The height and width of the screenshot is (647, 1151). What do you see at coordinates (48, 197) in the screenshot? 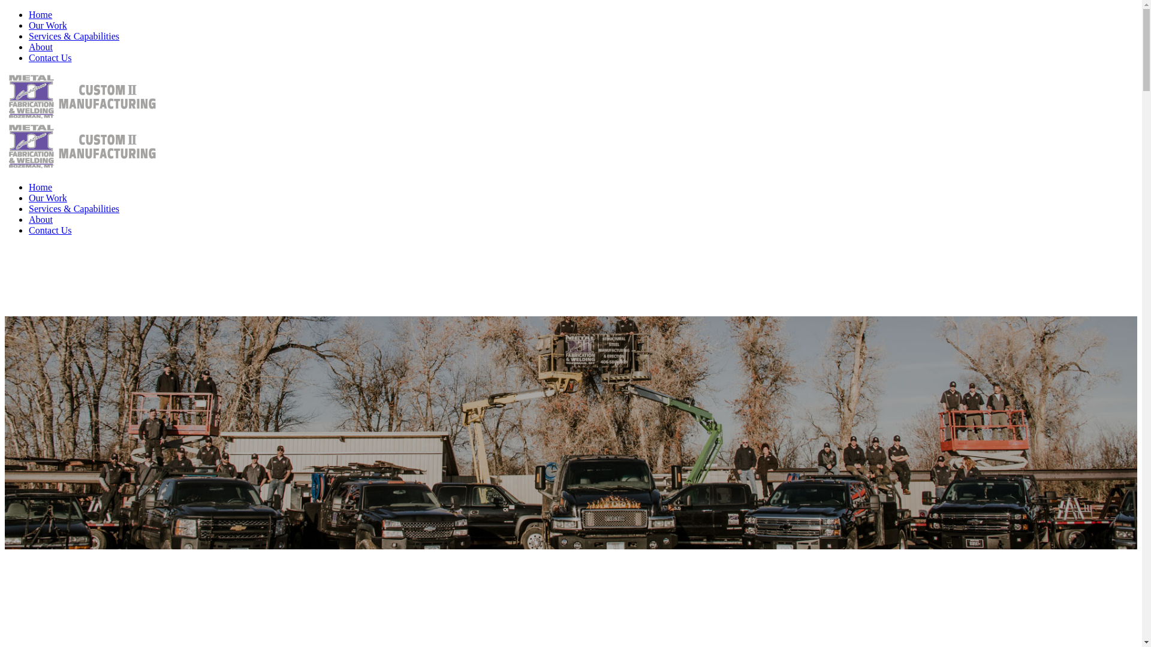
I see `'Our Work'` at bounding box center [48, 197].